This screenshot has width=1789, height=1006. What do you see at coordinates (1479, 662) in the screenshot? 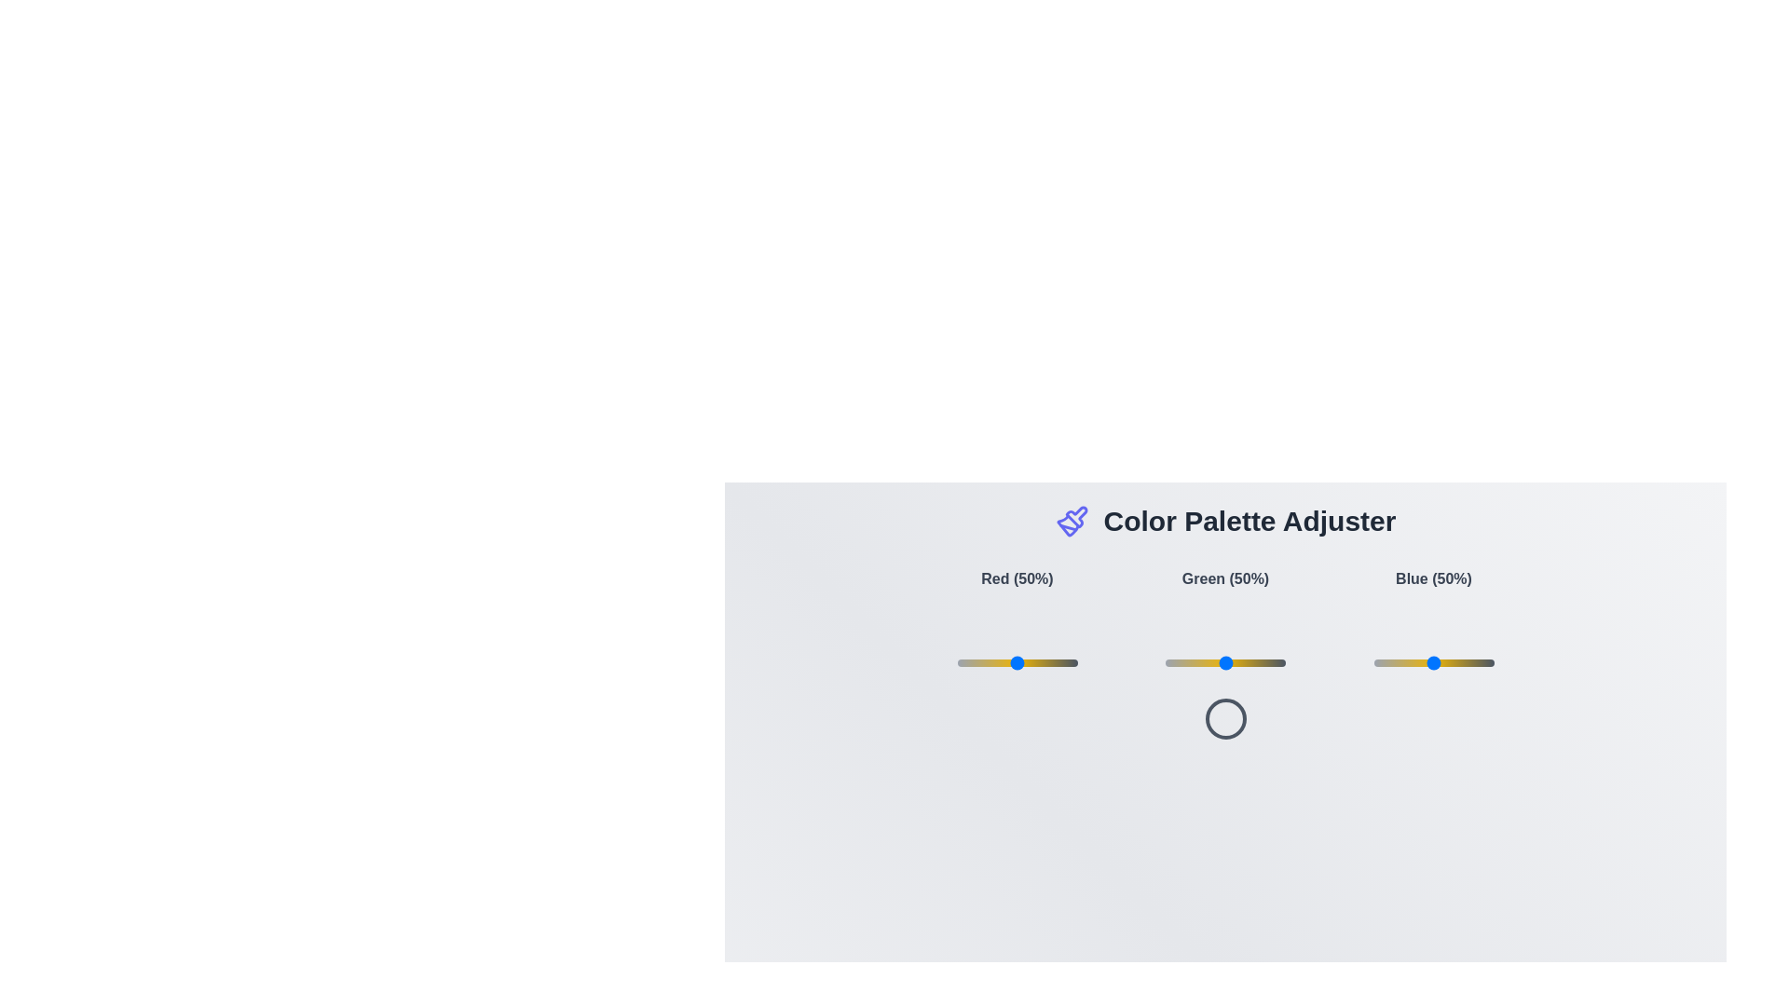
I see `the blue color slider to 88%` at bounding box center [1479, 662].